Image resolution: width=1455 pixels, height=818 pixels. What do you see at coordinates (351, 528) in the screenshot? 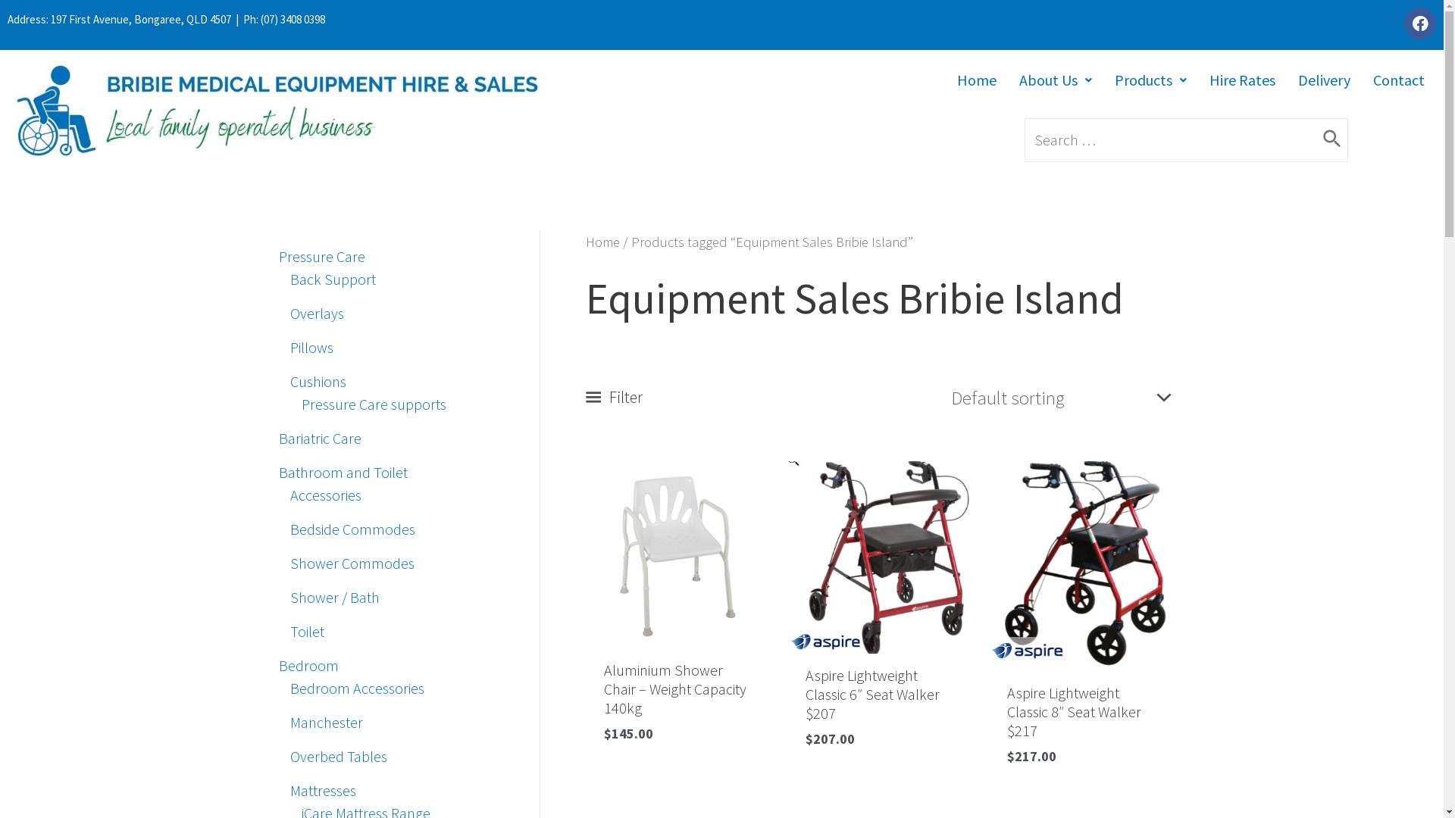
I see `'Bedside Commodes'` at bounding box center [351, 528].